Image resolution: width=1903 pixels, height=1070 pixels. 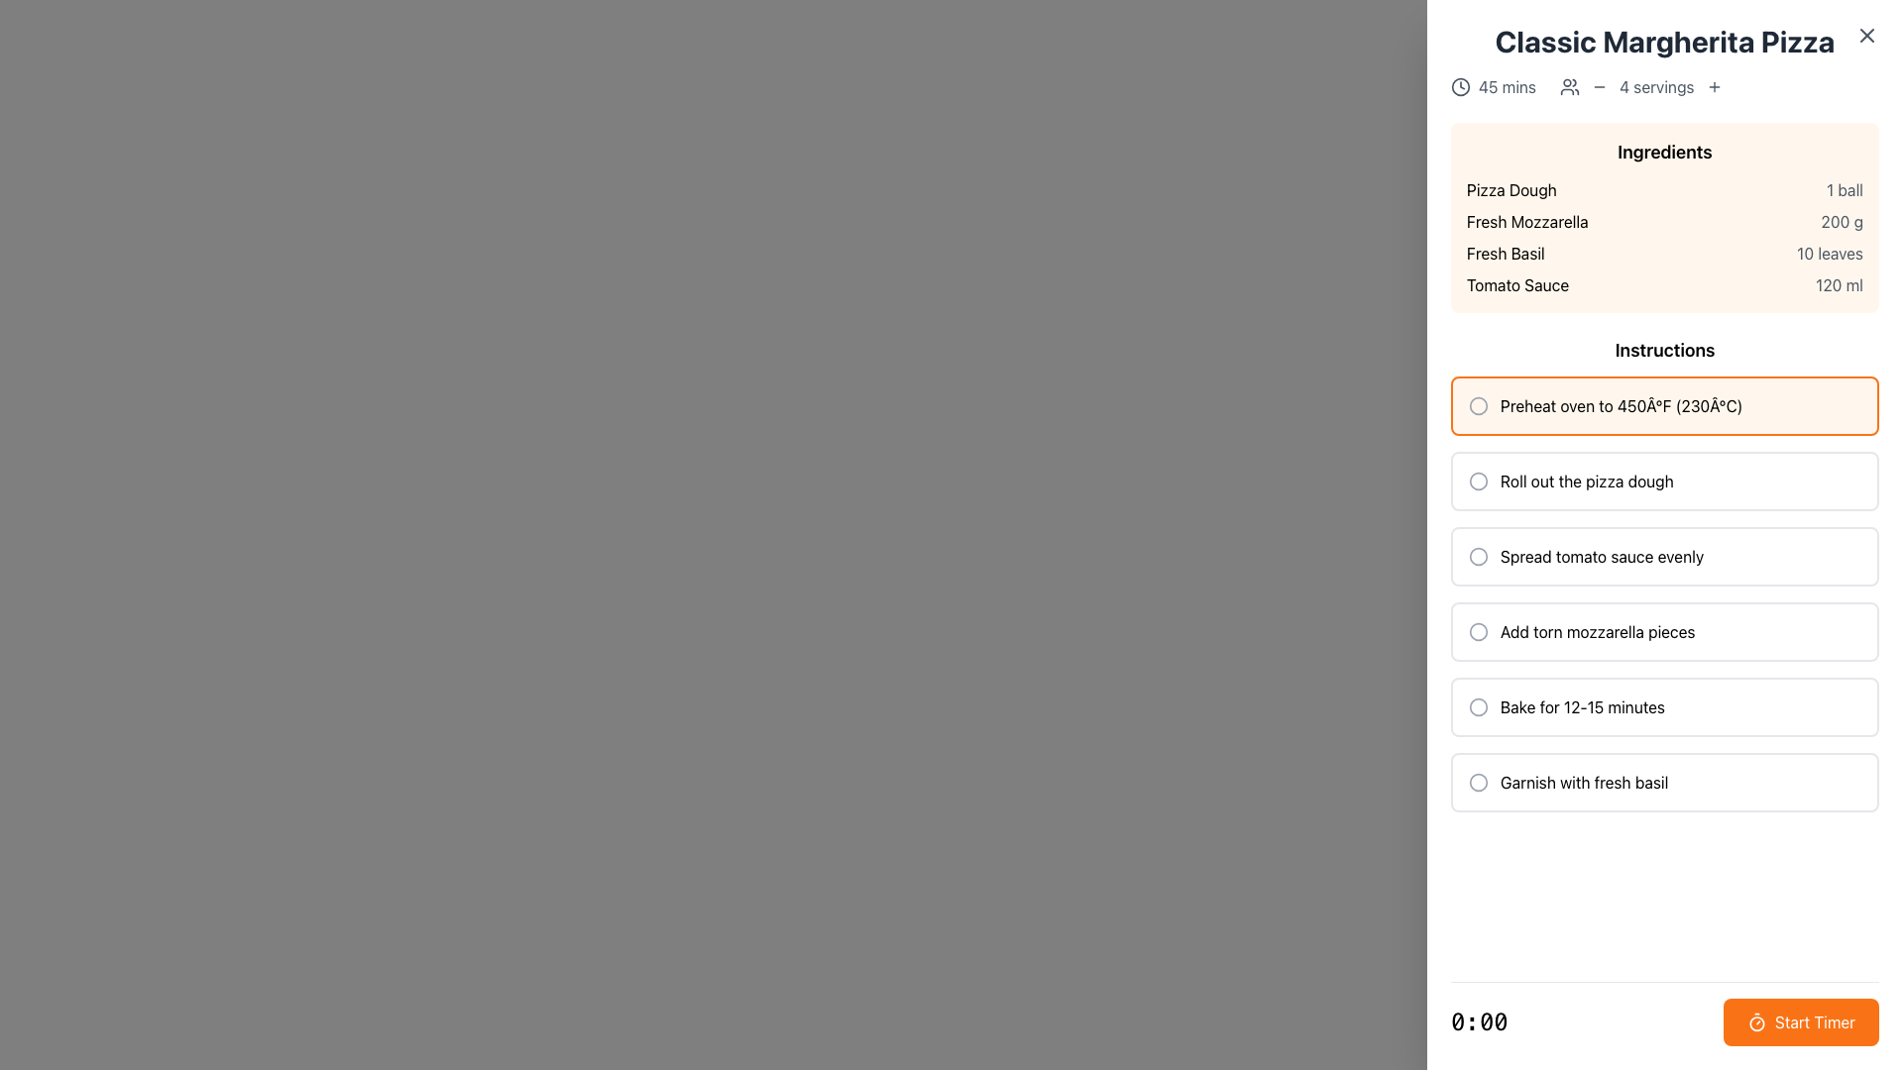 What do you see at coordinates (1665, 481) in the screenshot?
I see `the second list item in the 'Instructions' section that reads 'Roll out the pizza dough', which has a rounded rectangular outline and a small circular icon on its left side` at bounding box center [1665, 481].